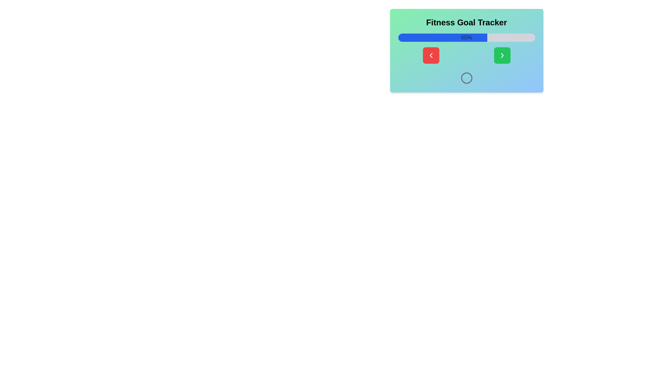 The width and height of the screenshot is (657, 370). I want to click on the small leftward-pointing chevron icon located within the red button area, which is part of a stylized card UI element, so click(430, 55).